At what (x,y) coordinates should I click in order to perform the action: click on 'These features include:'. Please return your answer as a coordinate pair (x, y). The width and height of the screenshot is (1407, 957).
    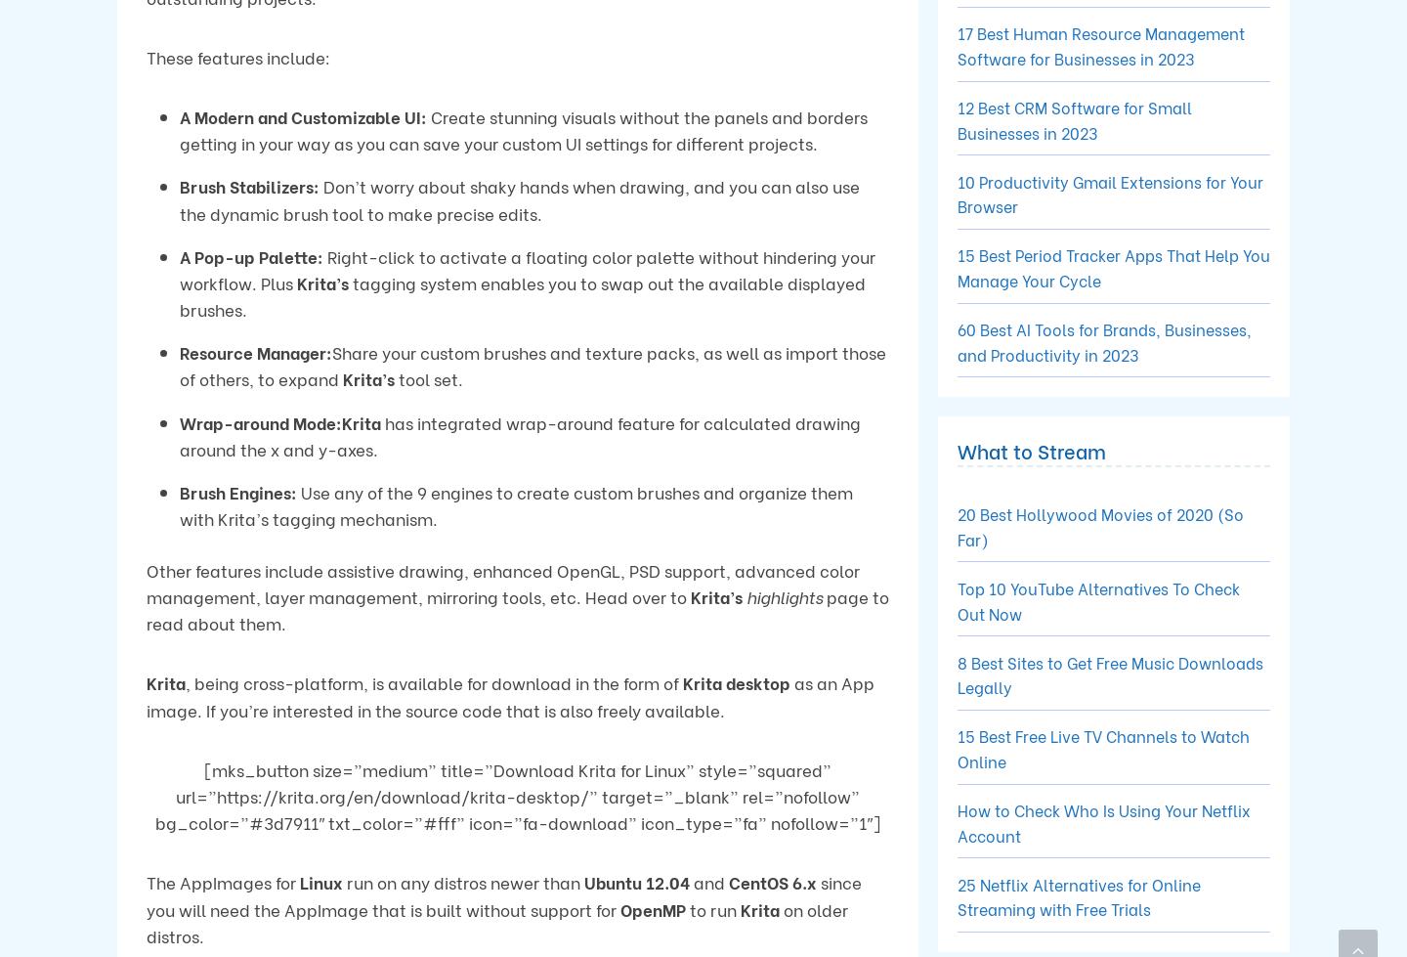
    Looking at the image, I should click on (236, 56).